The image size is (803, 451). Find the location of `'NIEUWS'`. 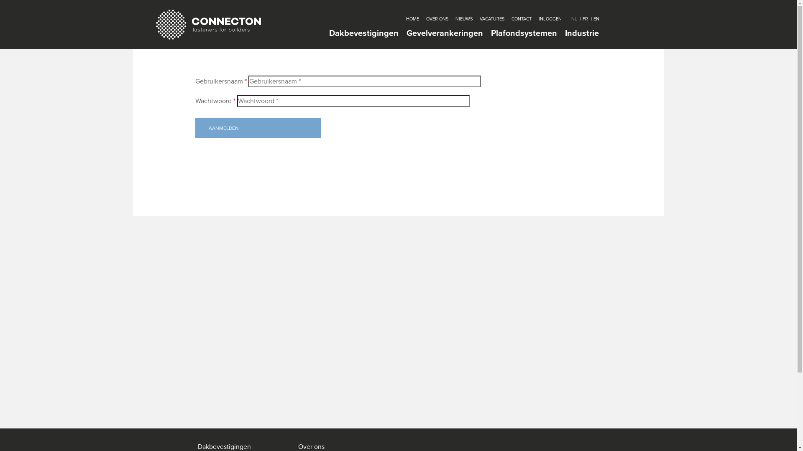

'NIEUWS' is located at coordinates (463, 19).